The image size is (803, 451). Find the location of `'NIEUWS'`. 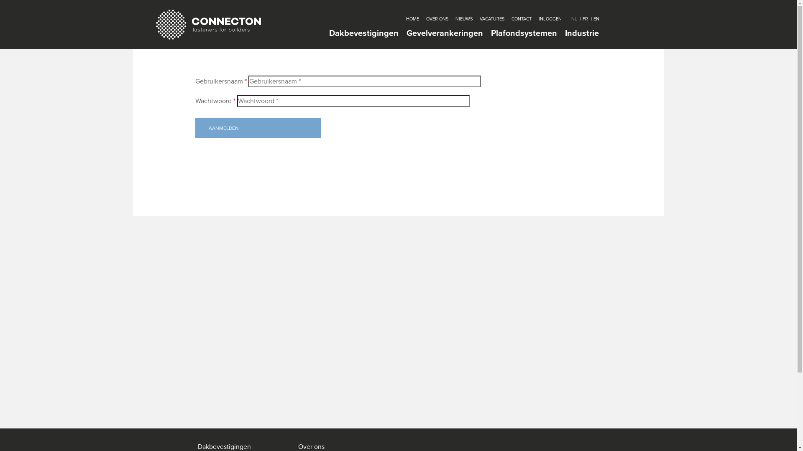

'NIEUWS' is located at coordinates (463, 19).